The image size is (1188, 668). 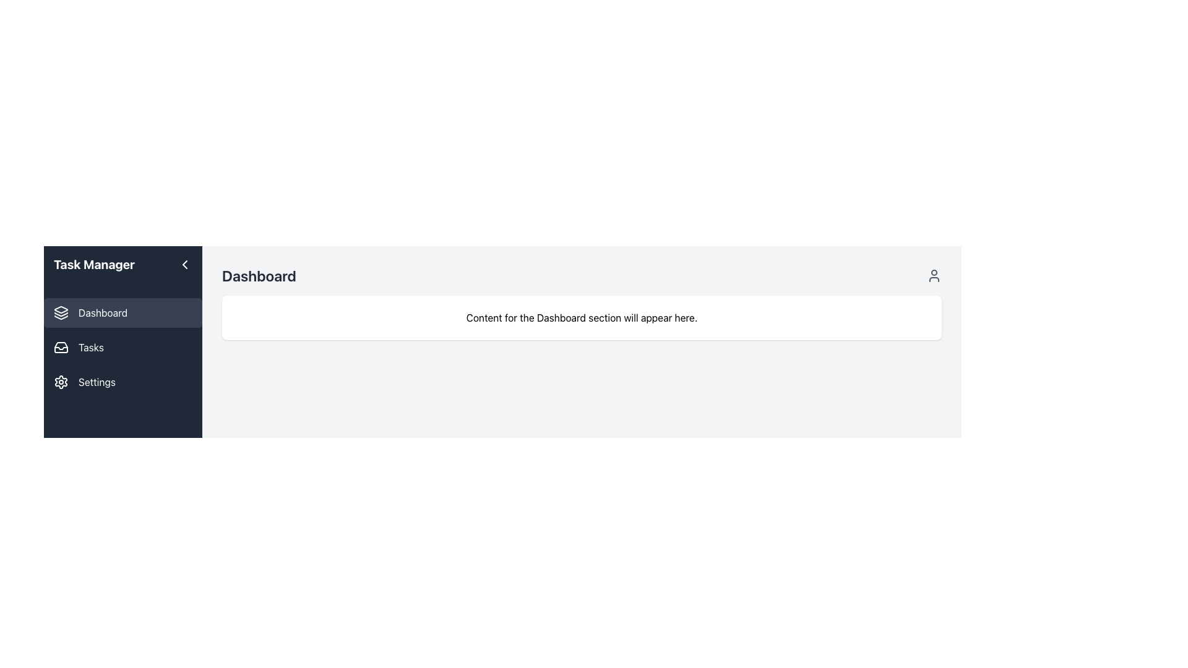 I want to click on the chevron navigation button located in the top right corner of the sidebar header, adjacent to the 'Task Manager' title text, so click(x=184, y=264).